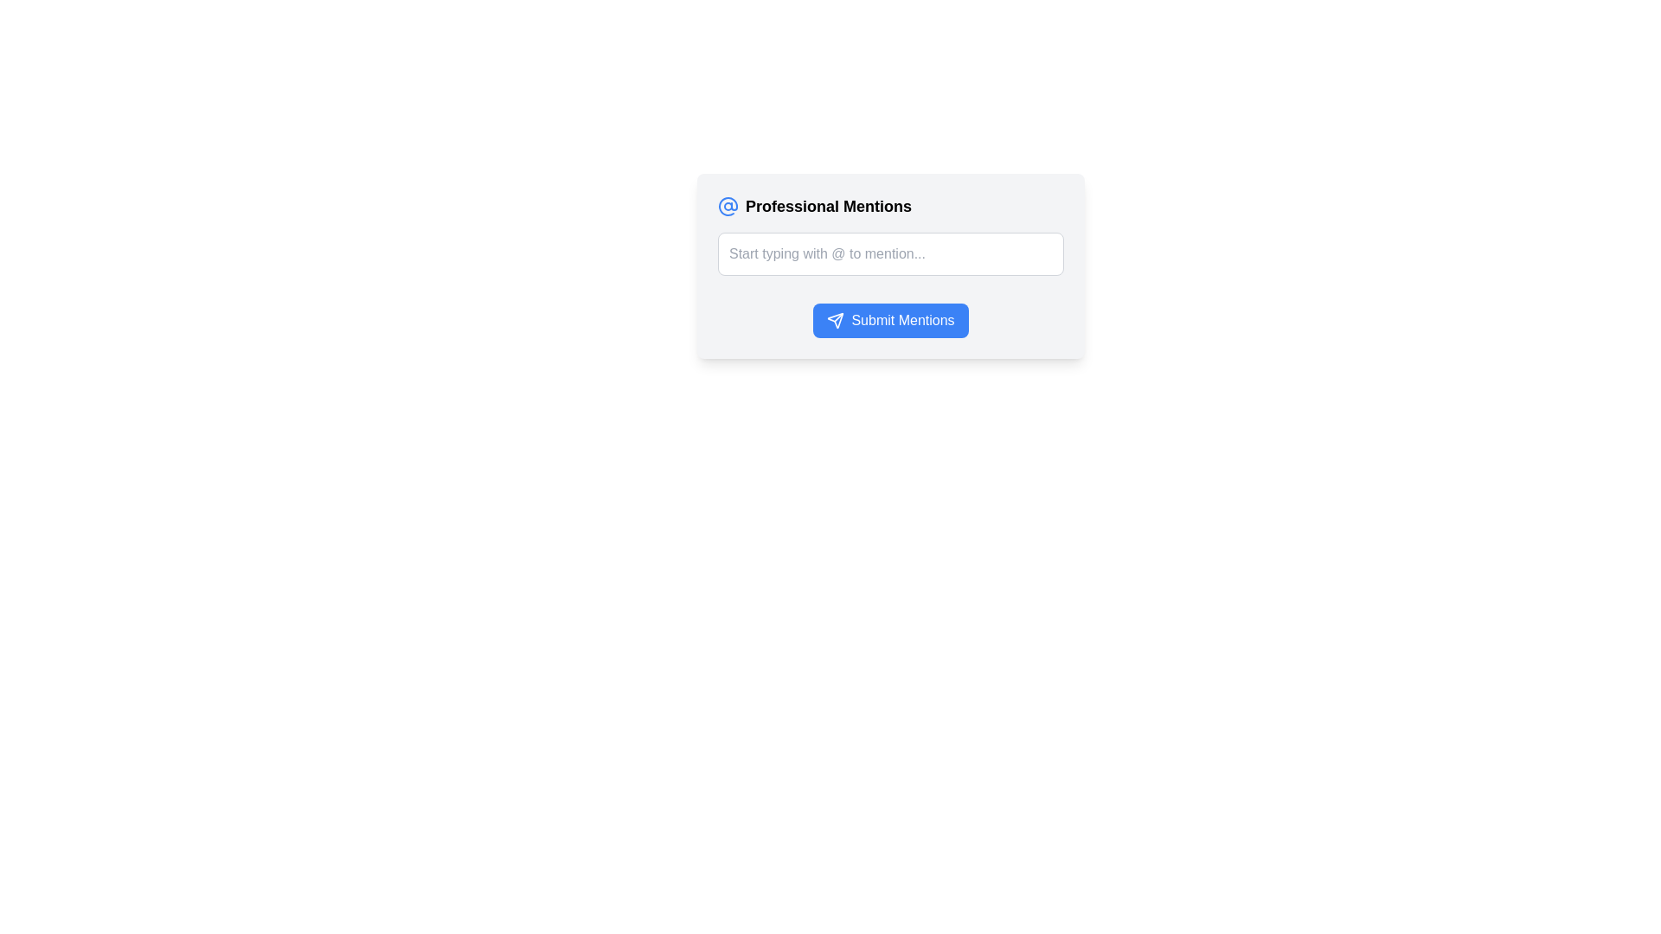 The height and width of the screenshot is (934, 1661). What do you see at coordinates (728, 206) in the screenshot?
I see `the blue '@' icon with a circular outline located in the header section of the 'Professional Mentions' box, positioned to the left of the title text` at bounding box center [728, 206].